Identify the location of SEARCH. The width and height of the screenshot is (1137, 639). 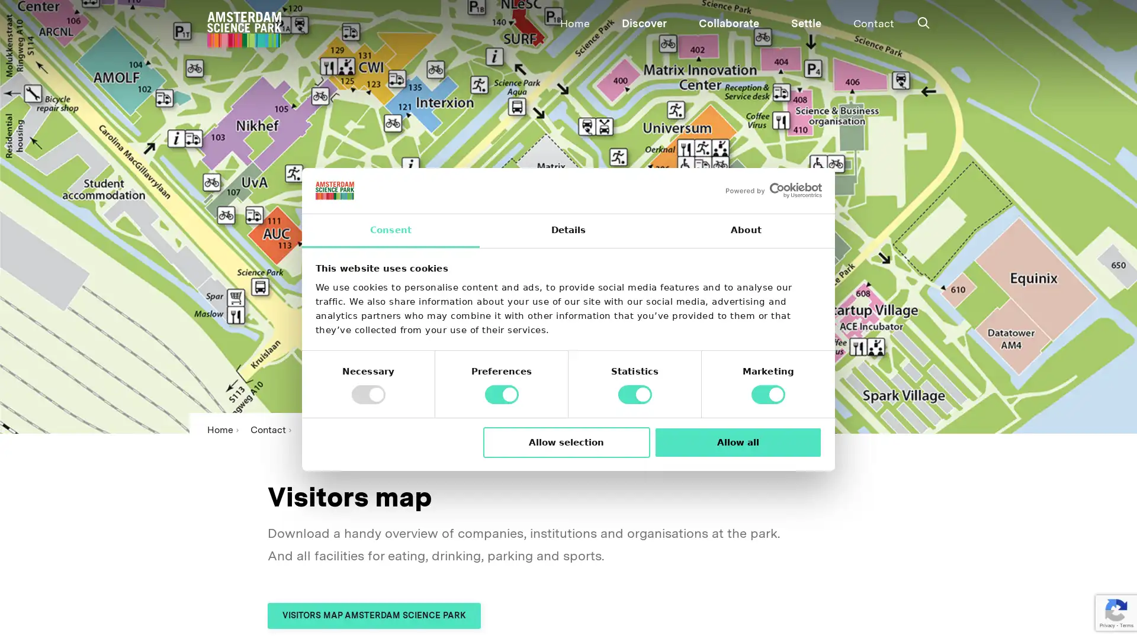
(555, 21).